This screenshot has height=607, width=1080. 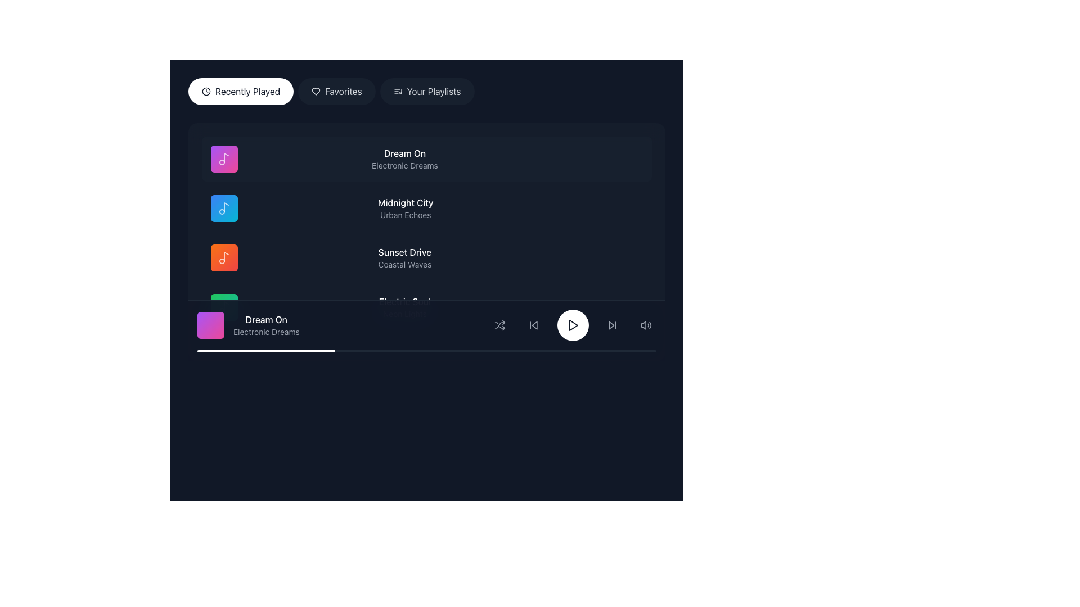 What do you see at coordinates (426, 258) in the screenshot?
I see `the music item titled 'Sunset Drive' with the subtitle 'Coastal Waves'` at bounding box center [426, 258].